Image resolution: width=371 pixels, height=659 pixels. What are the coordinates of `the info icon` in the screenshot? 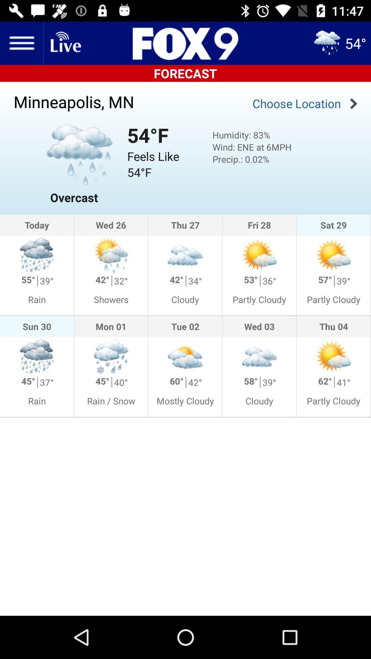 It's located at (161, 43).